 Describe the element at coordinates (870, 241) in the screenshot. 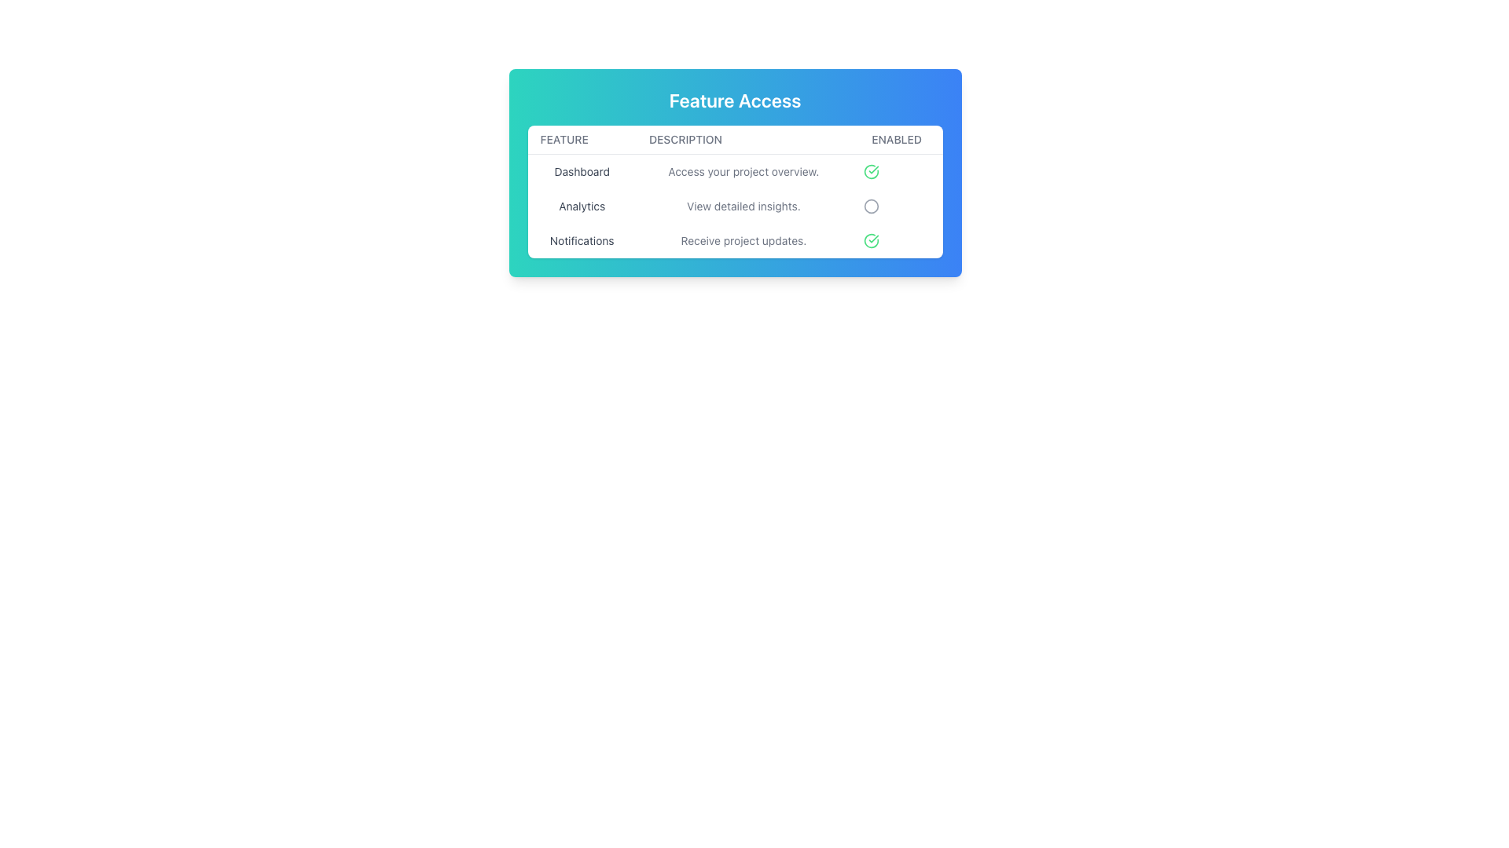

I see `the graphical indicator icon in the last row of the table under the 'ENABLED' column, aligned with the 'Notifications' label` at that location.